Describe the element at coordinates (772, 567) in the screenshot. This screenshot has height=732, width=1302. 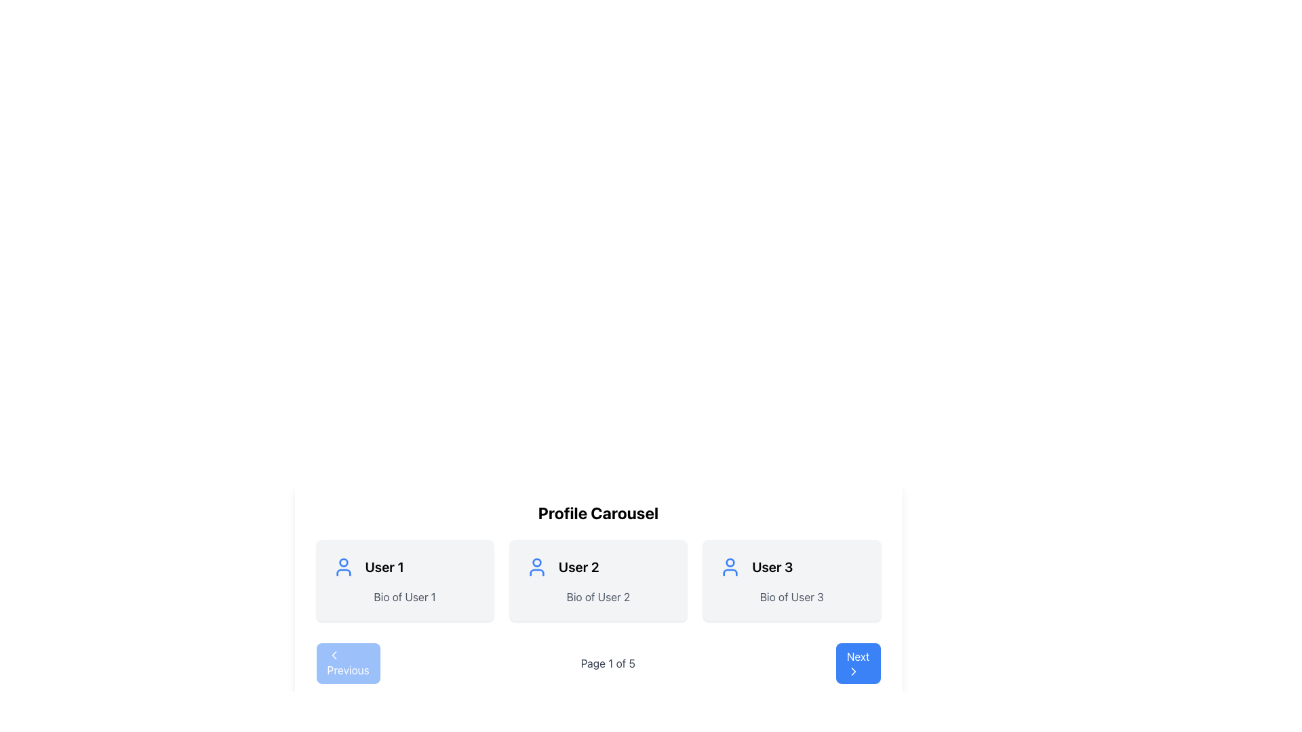
I see `the Text Display element that shows 'User 3', which is styled with a bold and large font, located below the user avatar icon in a carousel layout` at that location.